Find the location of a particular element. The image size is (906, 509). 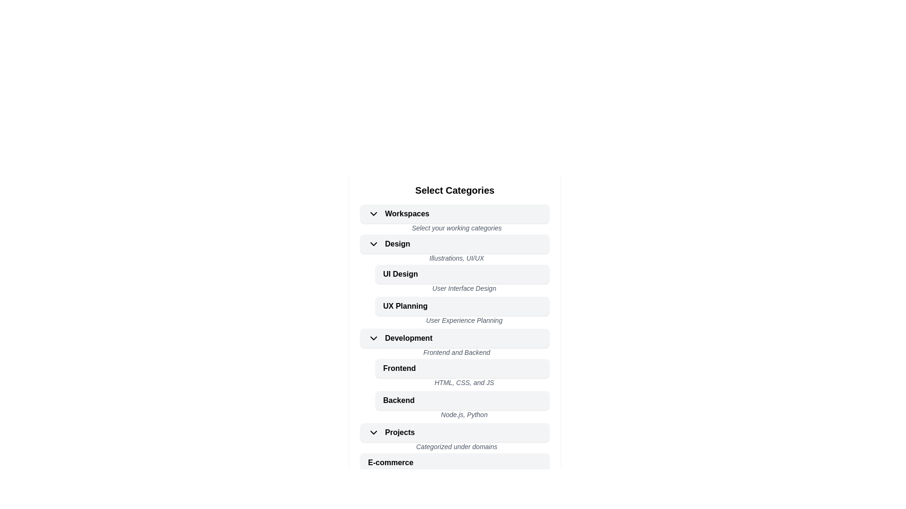

the 'UX Planning' text label, which is styled with a bold font and has a light gray background, located in the 'Design' category, positioned below 'UI Design' is located at coordinates (405, 306).